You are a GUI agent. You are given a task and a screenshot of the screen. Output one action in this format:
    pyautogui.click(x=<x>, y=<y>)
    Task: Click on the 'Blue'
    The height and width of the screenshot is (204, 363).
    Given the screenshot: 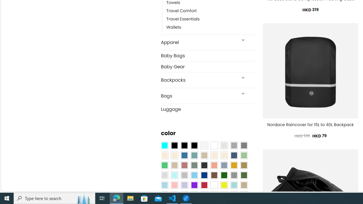 What is the action you would take?
    pyautogui.click(x=184, y=156)
    